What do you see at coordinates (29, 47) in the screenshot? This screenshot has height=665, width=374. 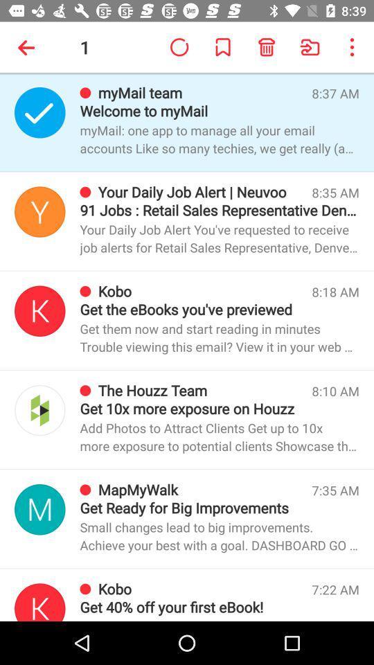 I see `app next to the 1 item` at bounding box center [29, 47].